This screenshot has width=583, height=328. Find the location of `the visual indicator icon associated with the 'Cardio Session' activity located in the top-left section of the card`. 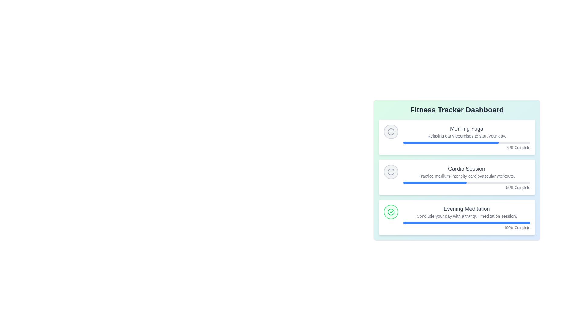

the visual indicator icon associated with the 'Cardio Session' activity located in the top-left section of the card is located at coordinates (391, 172).